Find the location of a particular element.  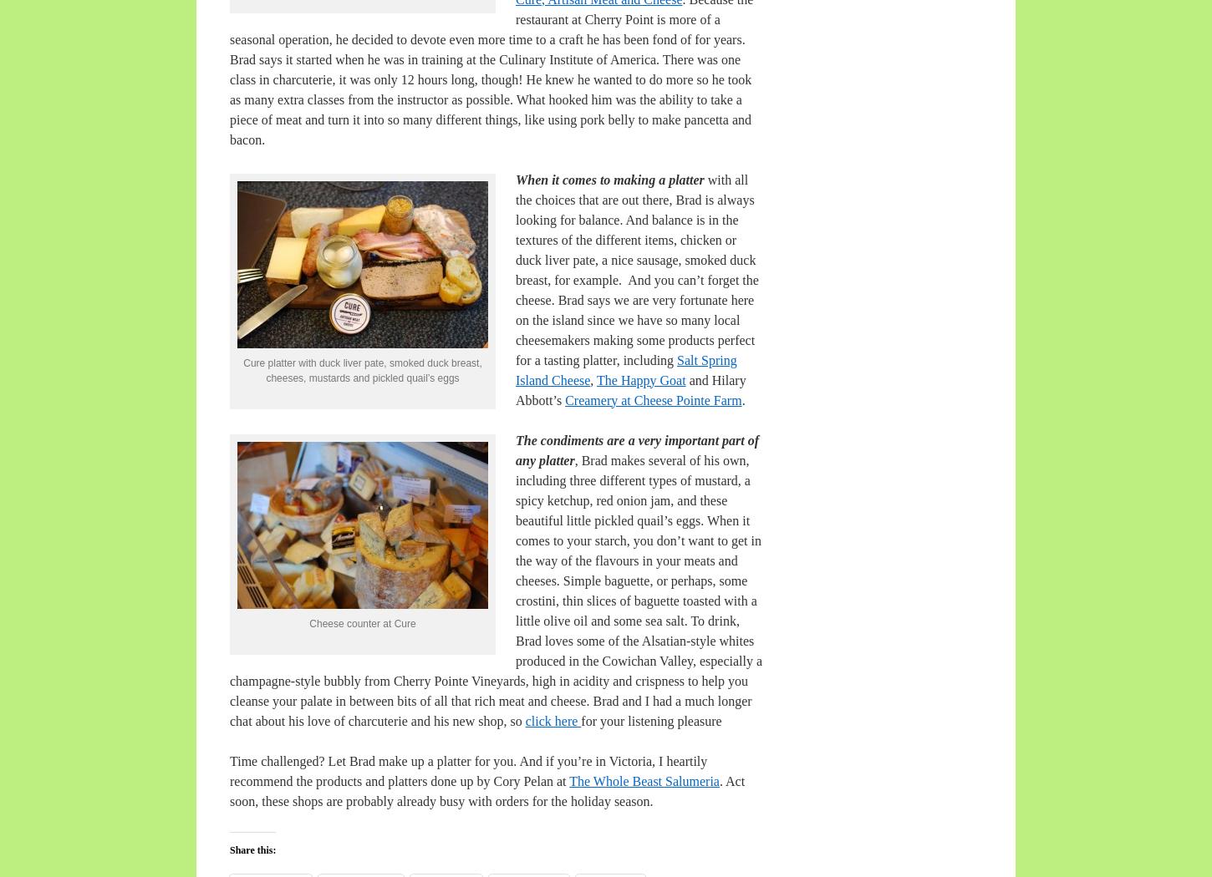

'The Happy Goat' is located at coordinates (641, 379).